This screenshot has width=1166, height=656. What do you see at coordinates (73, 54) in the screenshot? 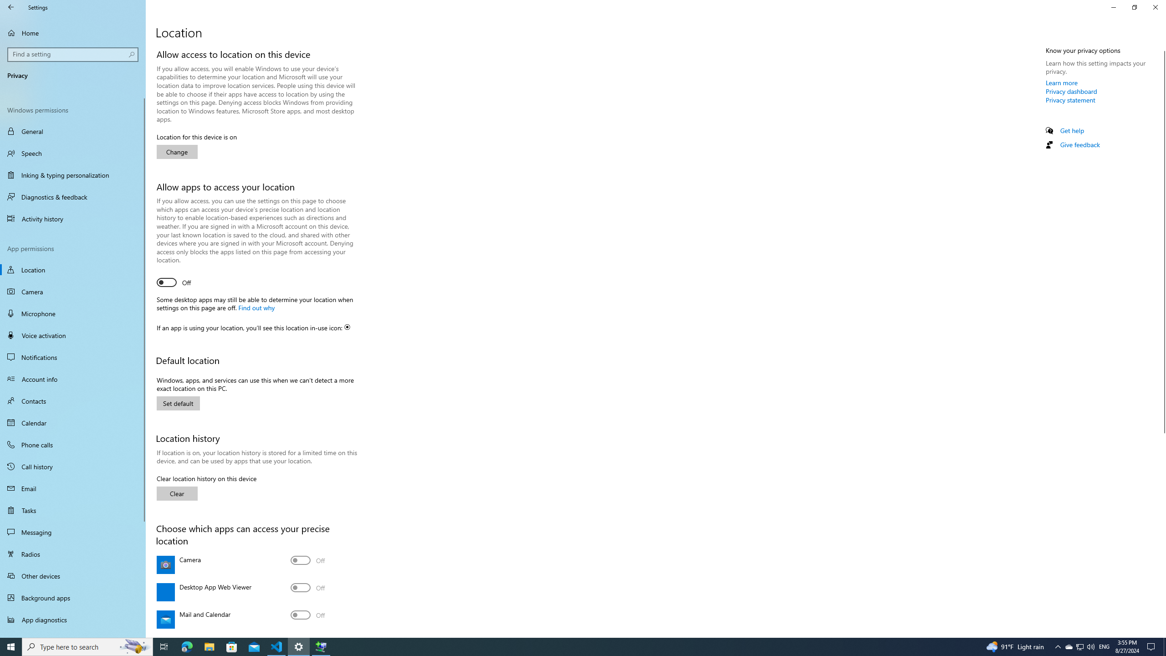
I see `'Search box, Find a setting'` at bounding box center [73, 54].